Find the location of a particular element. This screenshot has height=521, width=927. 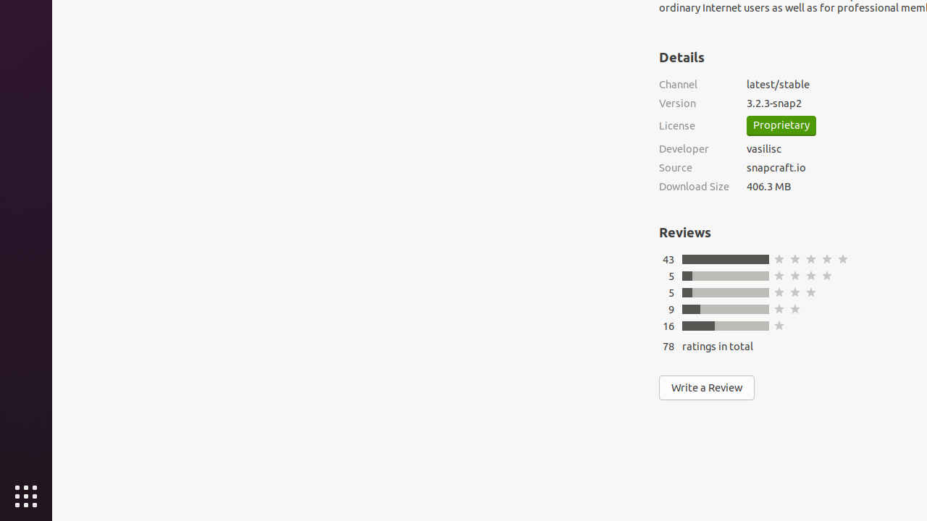

'License' is located at coordinates (693, 125).